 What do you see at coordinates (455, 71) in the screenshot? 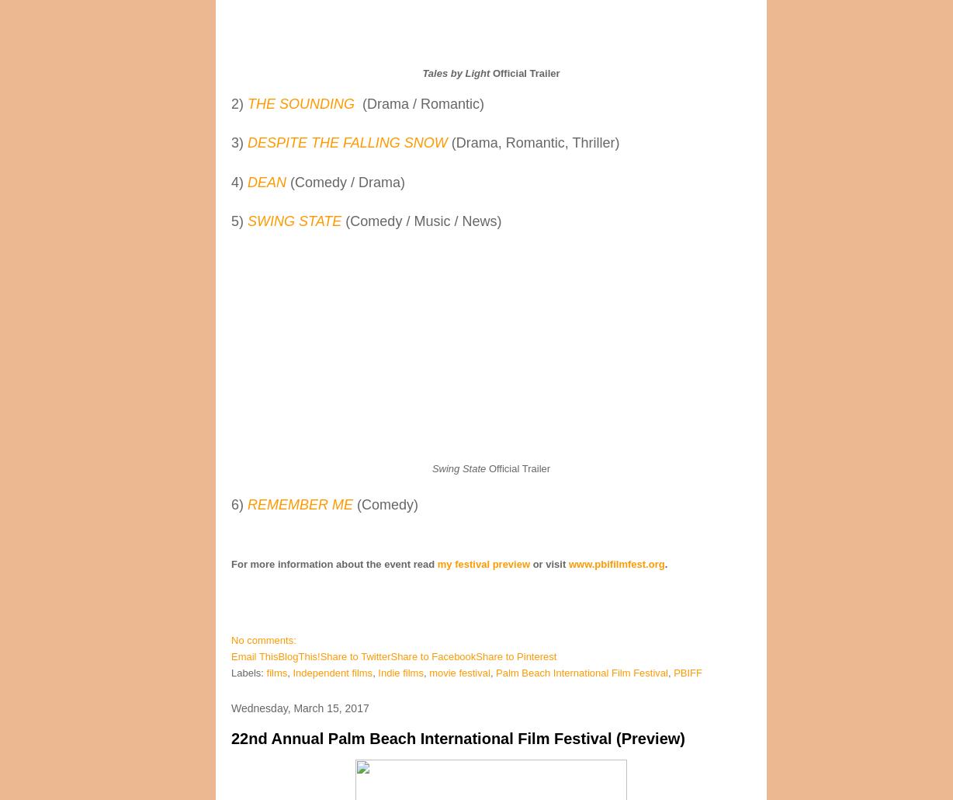
I see `'Tales by Light'` at bounding box center [455, 71].